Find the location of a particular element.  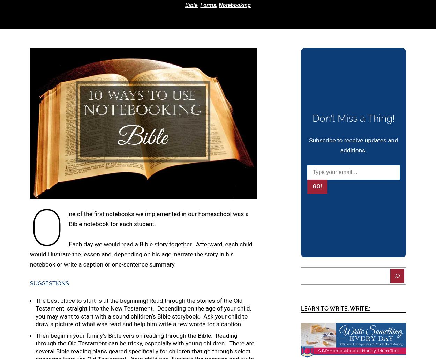

'Learn to Write. Write.:' is located at coordinates (335, 308).